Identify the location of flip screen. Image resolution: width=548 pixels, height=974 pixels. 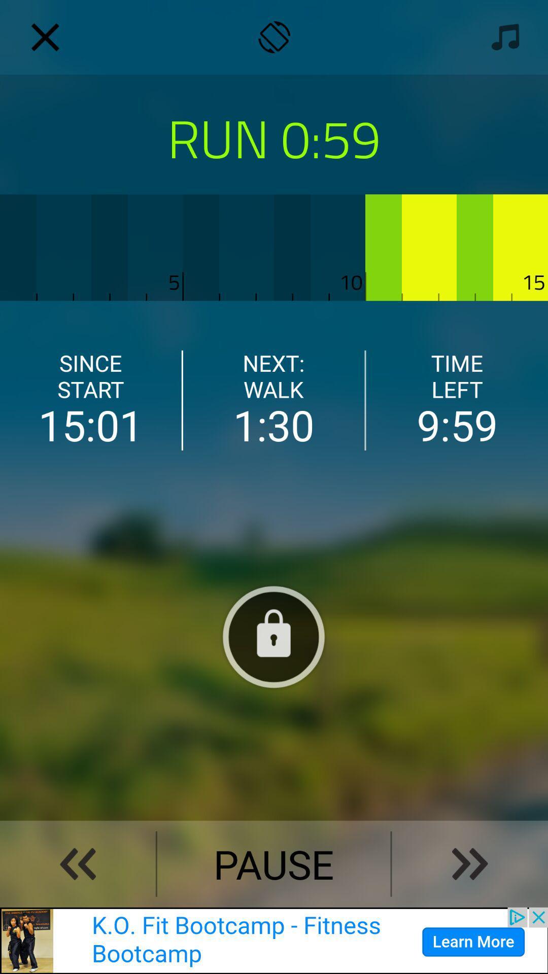
(274, 37).